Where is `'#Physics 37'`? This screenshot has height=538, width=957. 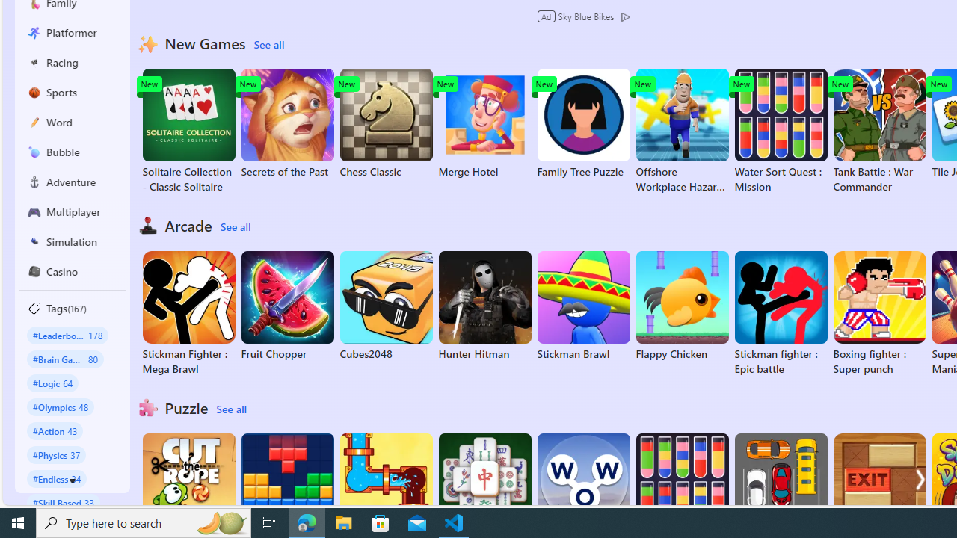 '#Physics 37' is located at coordinates (57, 454).